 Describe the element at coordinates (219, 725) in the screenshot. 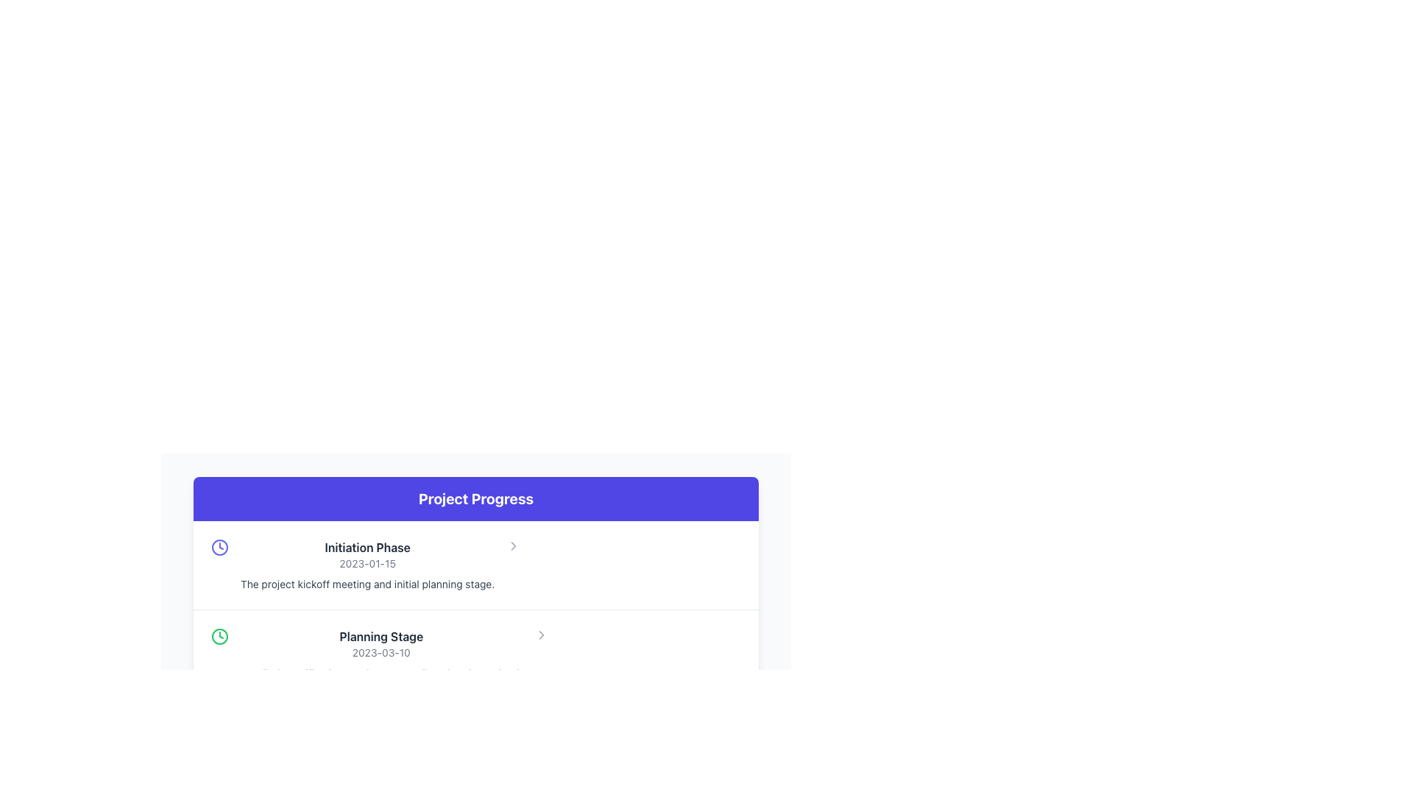

I see `the circular graphic element that represents the boundary of the clock in the 'Project Progress' section of the SVG component` at that location.